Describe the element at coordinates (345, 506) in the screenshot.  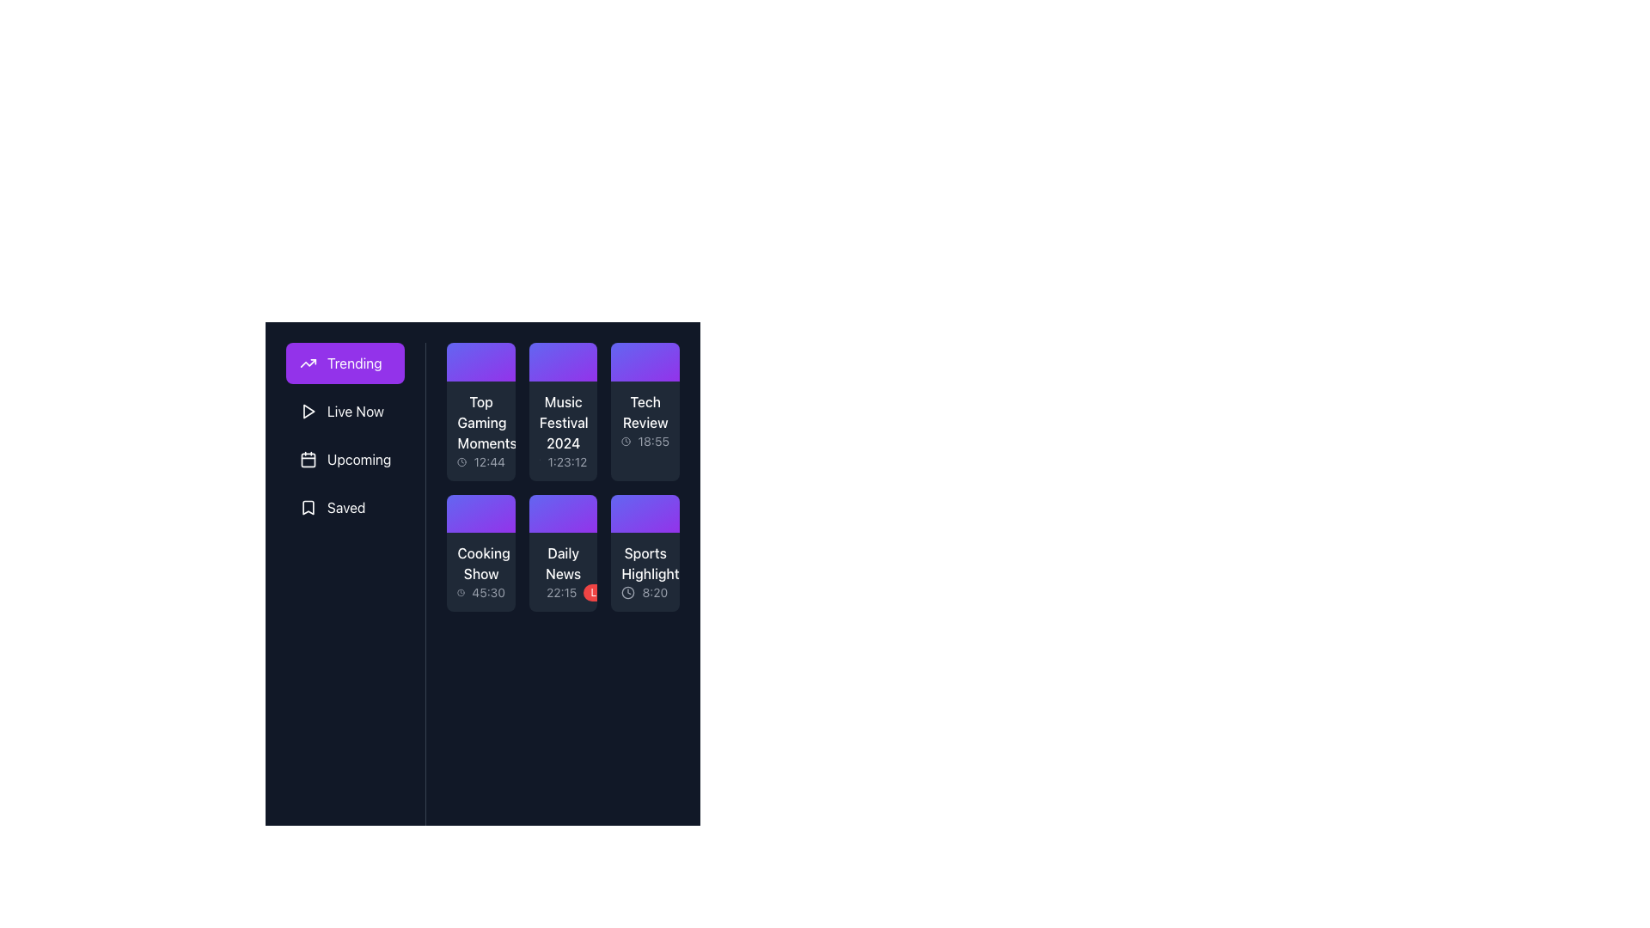
I see `the 'Saved' button, which features a bookmark icon and is styled with a rounded border` at that location.